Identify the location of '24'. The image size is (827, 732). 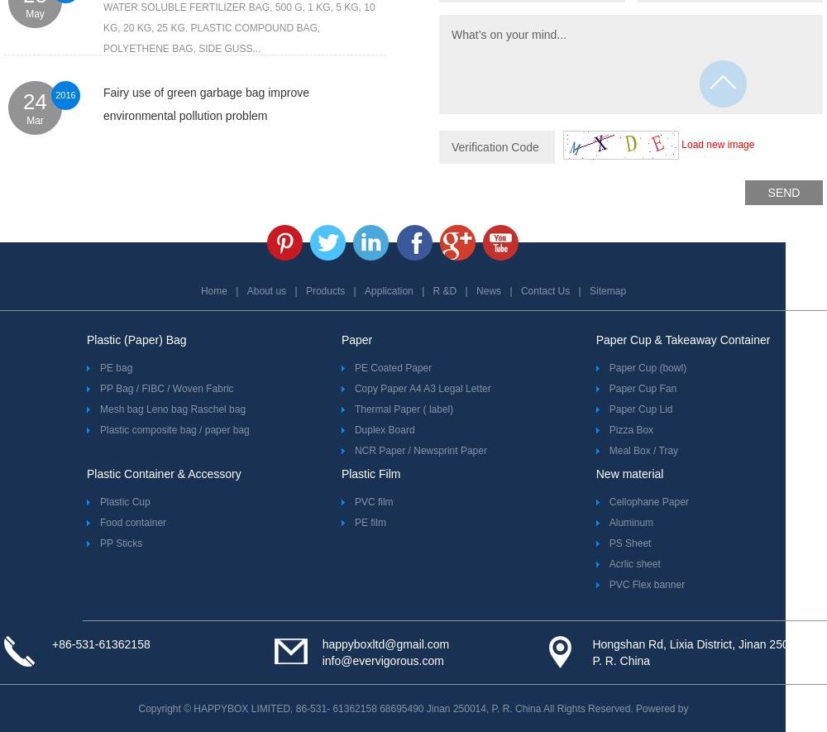
(35, 101).